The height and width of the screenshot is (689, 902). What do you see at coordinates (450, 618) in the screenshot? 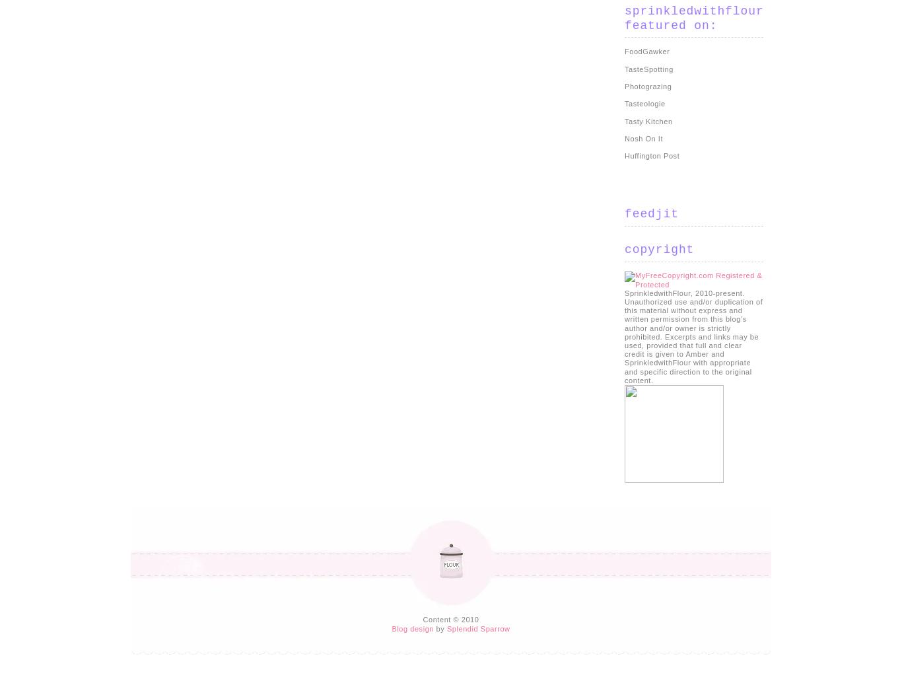
I see `'Content © 2010'` at bounding box center [450, 618].